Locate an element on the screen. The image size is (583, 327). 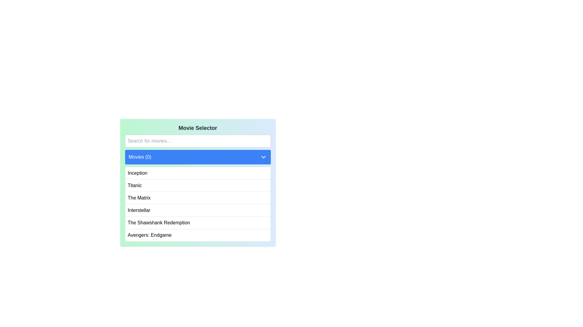
the dropdown list item titled 'Titanic' is located at coordinates (198, 182).